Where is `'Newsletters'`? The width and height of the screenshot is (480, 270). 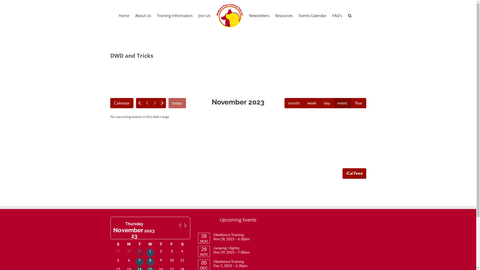
'Newsletters' is located at coordinates (249, 15).